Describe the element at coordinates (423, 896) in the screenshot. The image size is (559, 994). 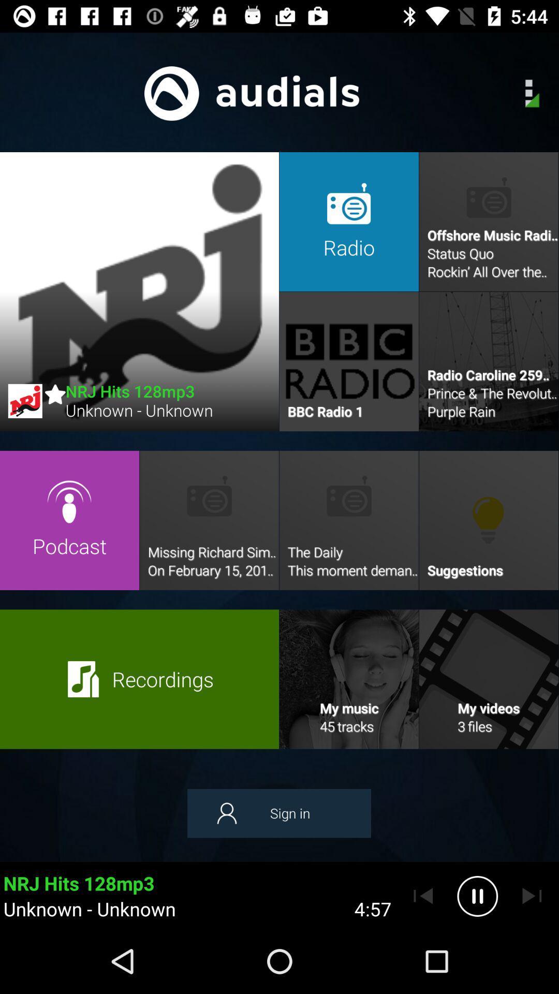
I see `the skip_previous icon` at that location.